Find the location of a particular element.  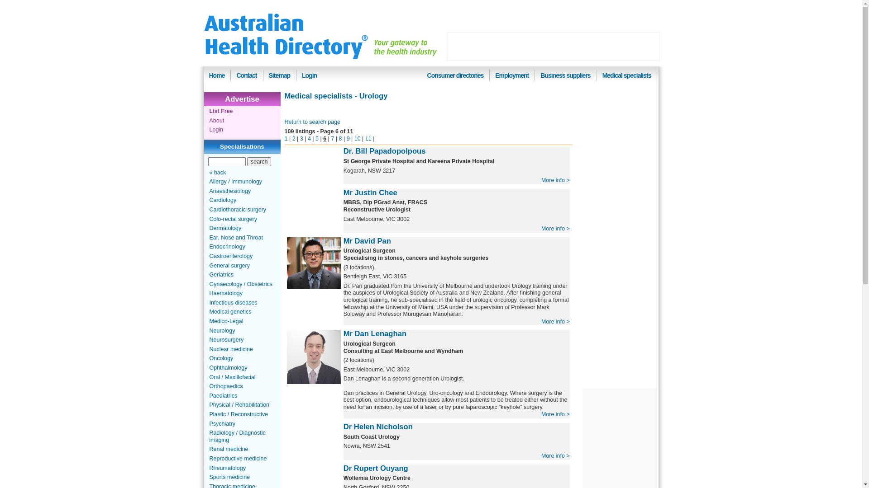

'Employment' is located at coordinates (512, 75).